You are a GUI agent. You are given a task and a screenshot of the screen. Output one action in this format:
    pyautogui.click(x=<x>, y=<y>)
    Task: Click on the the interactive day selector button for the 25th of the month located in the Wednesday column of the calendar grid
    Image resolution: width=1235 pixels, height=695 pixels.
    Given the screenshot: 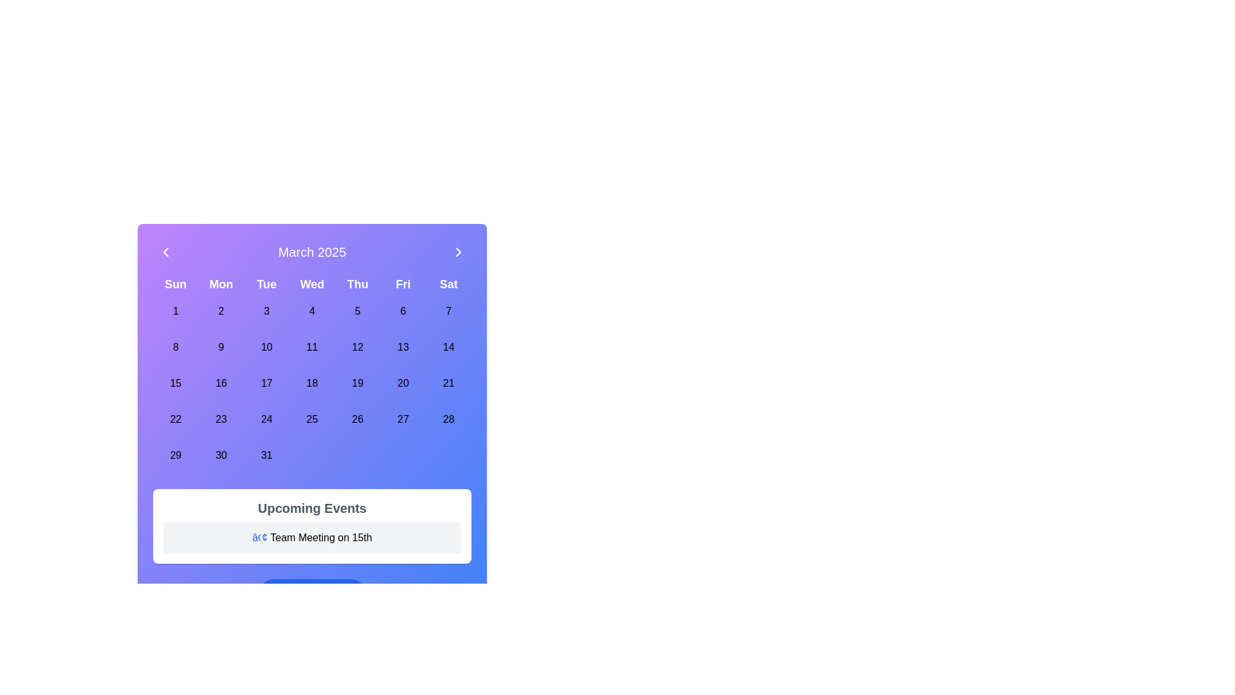 What is the action you would take?
    pyautogui.click(x=312, y=419)
    